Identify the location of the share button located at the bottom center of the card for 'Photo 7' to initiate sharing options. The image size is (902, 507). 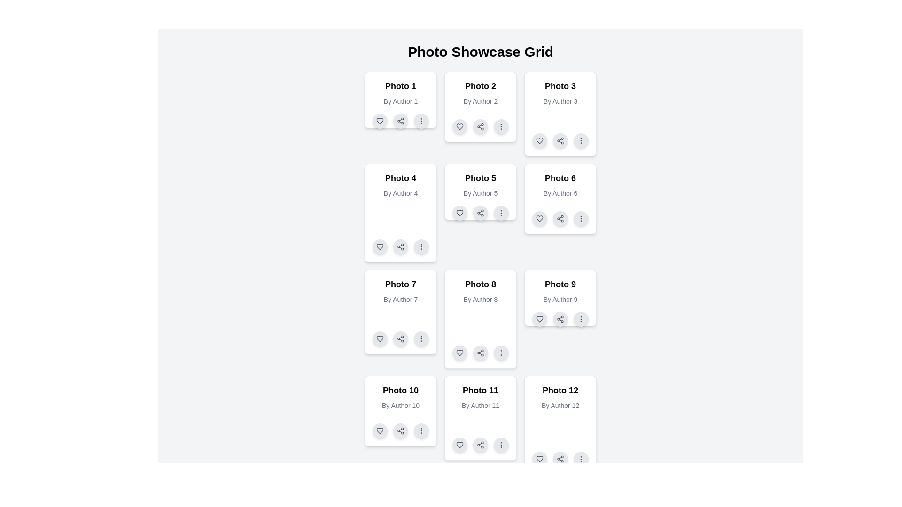
(401, 338).